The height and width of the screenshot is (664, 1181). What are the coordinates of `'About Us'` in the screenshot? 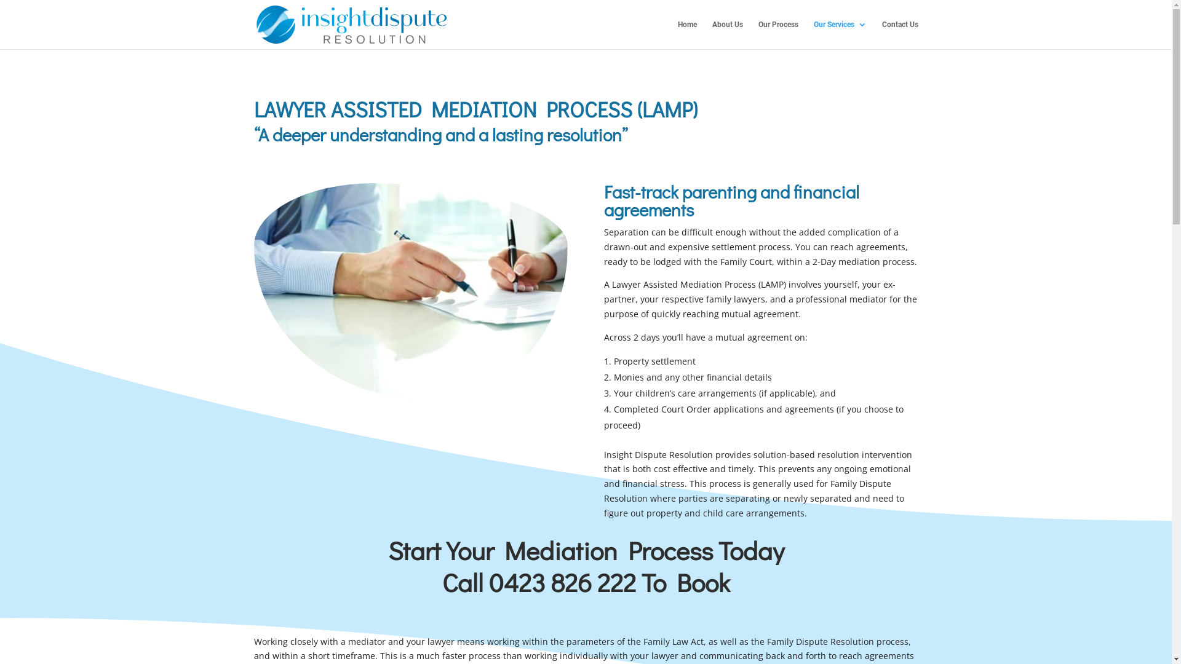 It's located at (727, 34).